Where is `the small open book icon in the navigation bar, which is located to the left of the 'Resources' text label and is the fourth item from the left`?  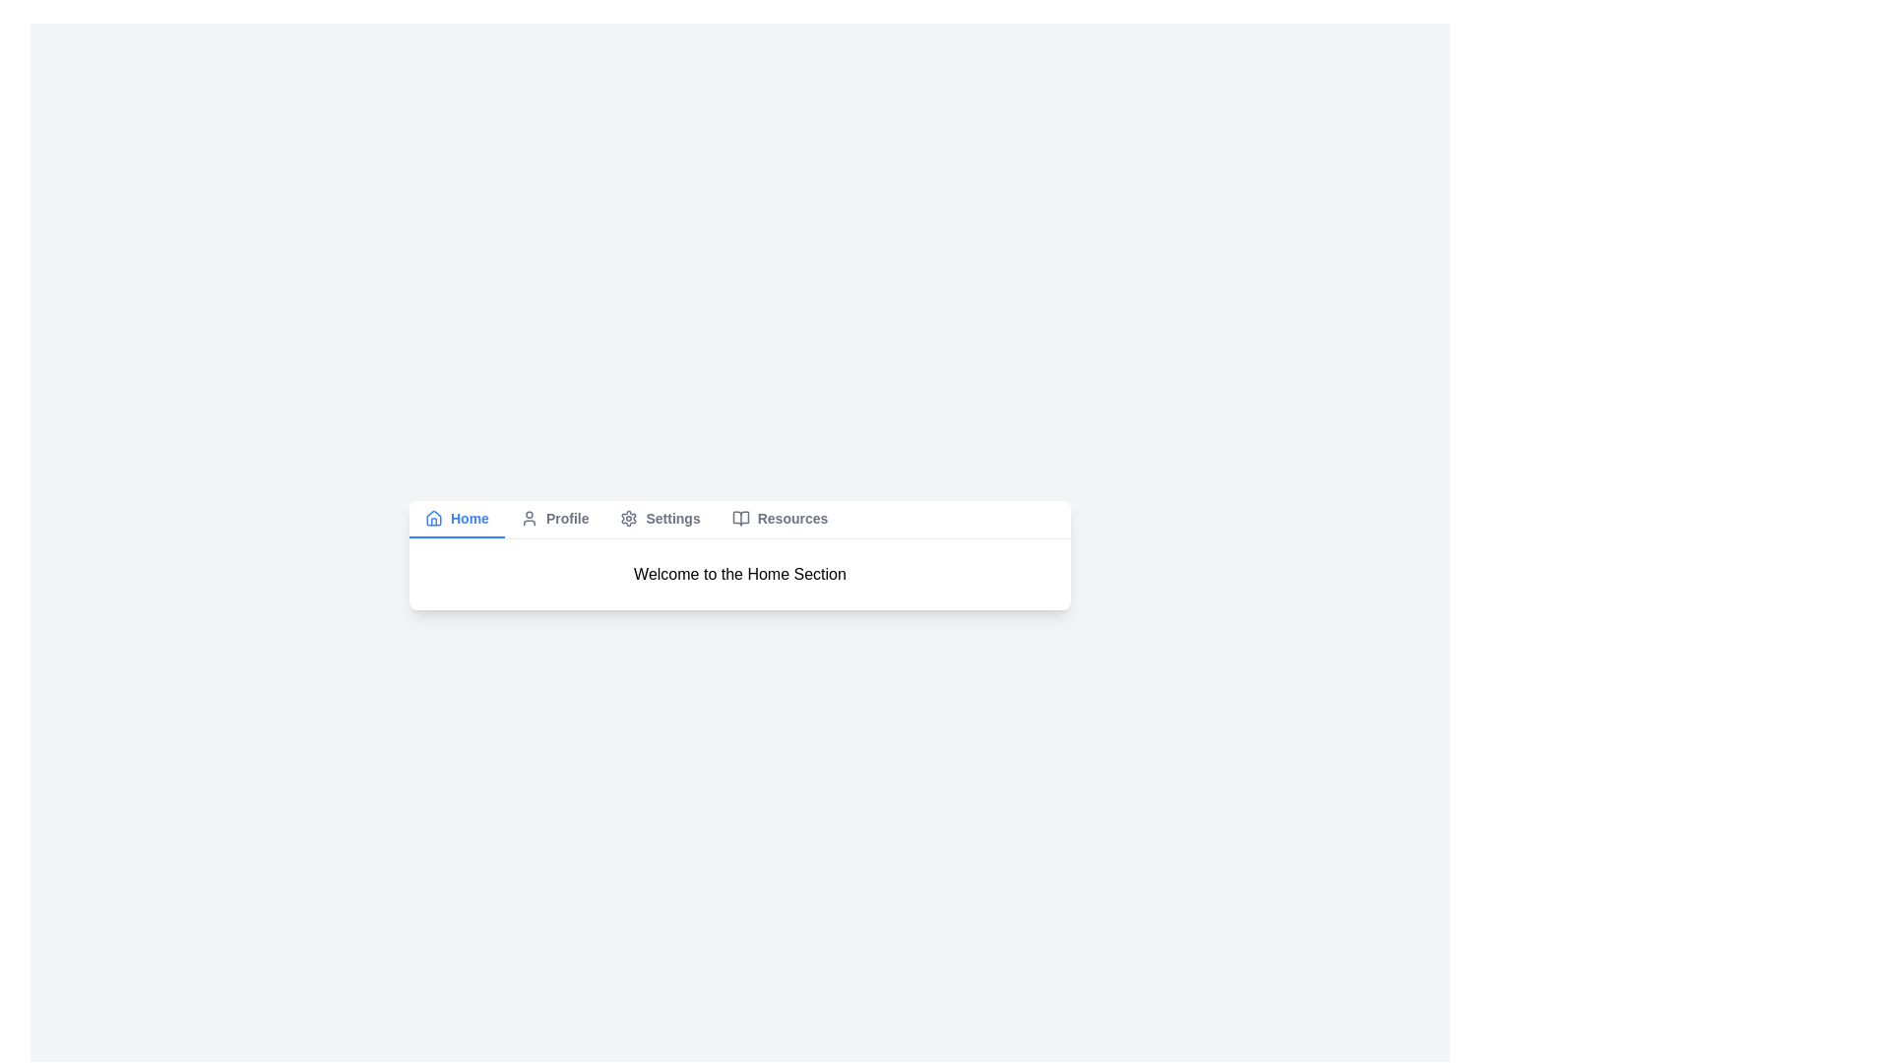
the small open book icon in the navigation bar, which is located to the left of the 'Resources' text label and is the fourth item from the left is located at coordinates (739, 517).